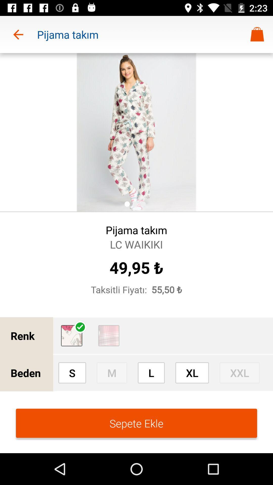  I want to click on l icon, so click(151, 373).